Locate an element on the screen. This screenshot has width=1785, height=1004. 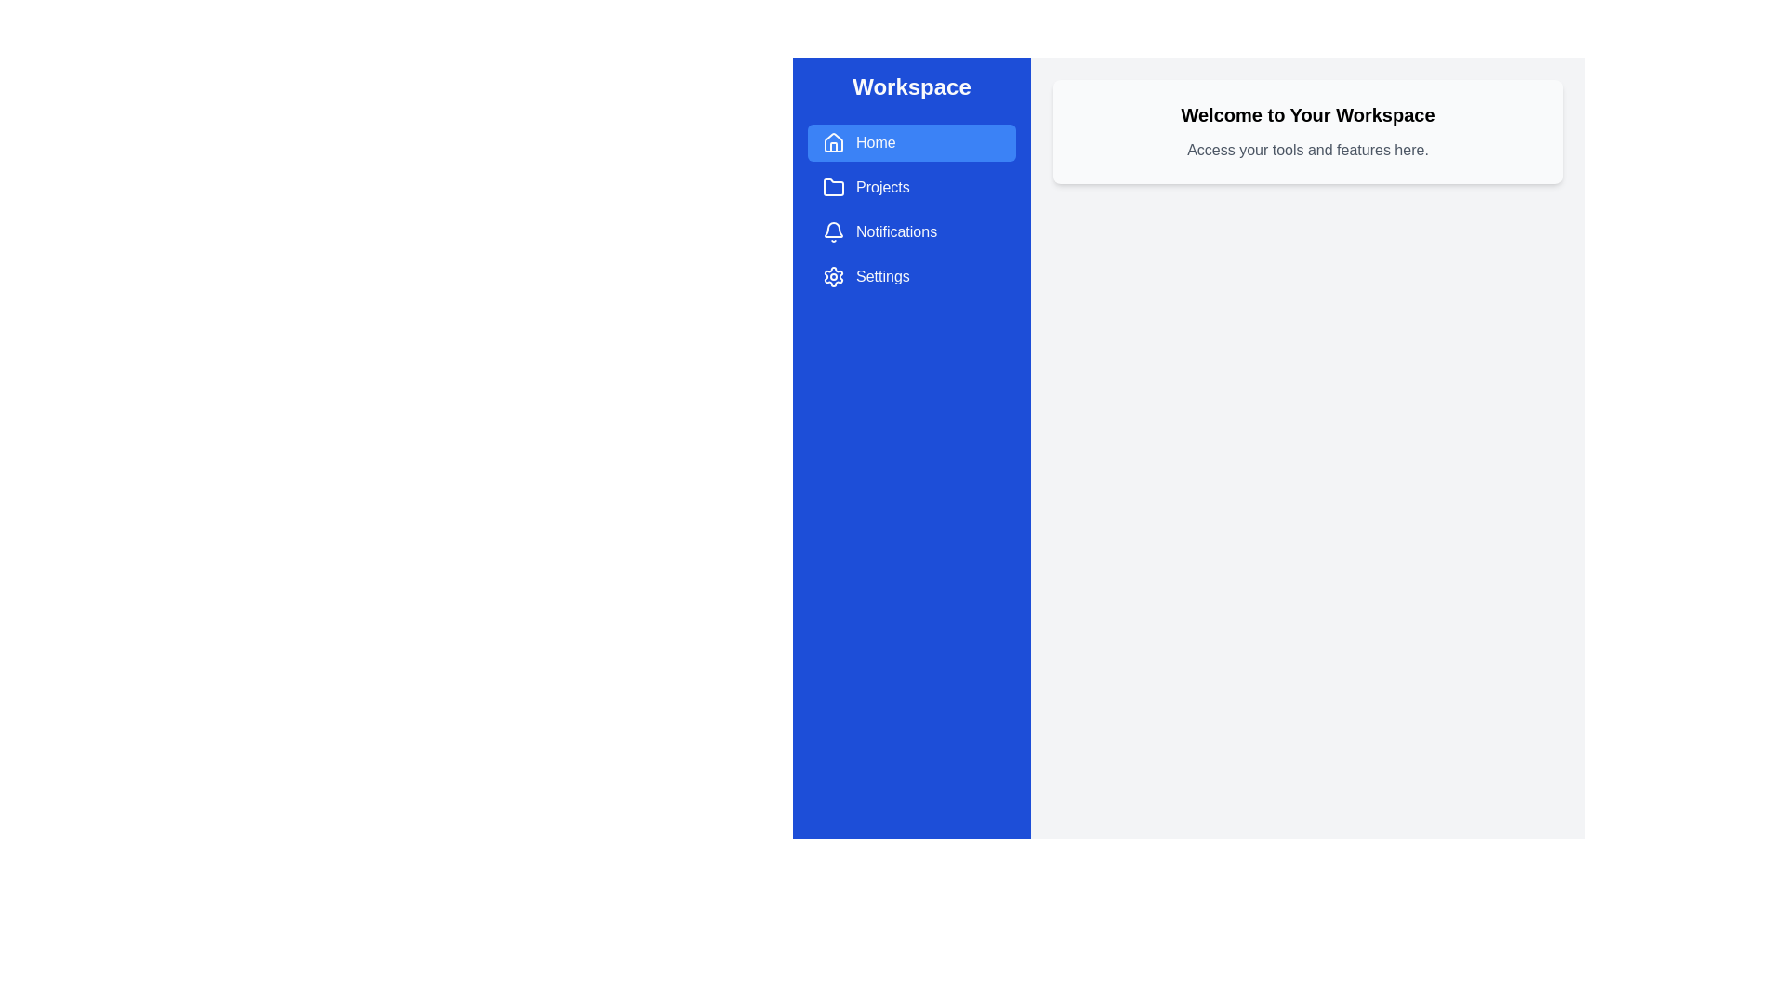
the 'Notifications' button, which is the third button in the vertical navigation list with a blue background and a white bell icon is located at coordinates (911, 231).